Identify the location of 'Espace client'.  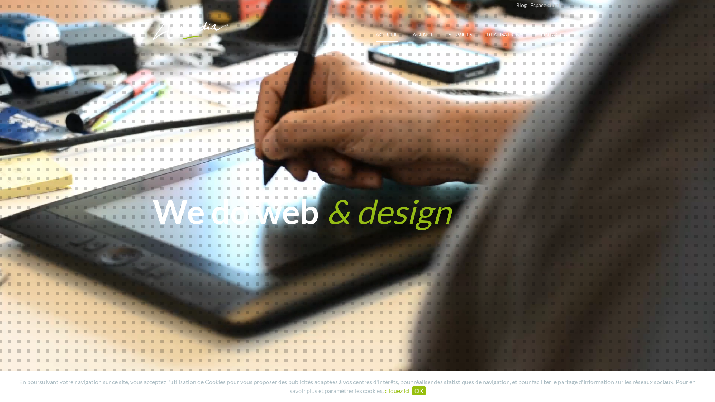
(545, 5).